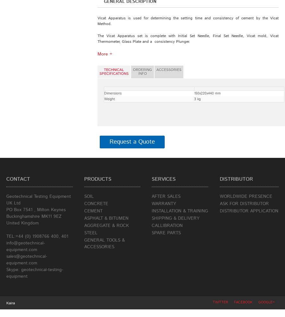 The height and width of the screenshot is (317, 285). Describe the element at coordinates (39, 196) in the screenshot. I see `'Geotechnical Testing Equipment'` at that location.